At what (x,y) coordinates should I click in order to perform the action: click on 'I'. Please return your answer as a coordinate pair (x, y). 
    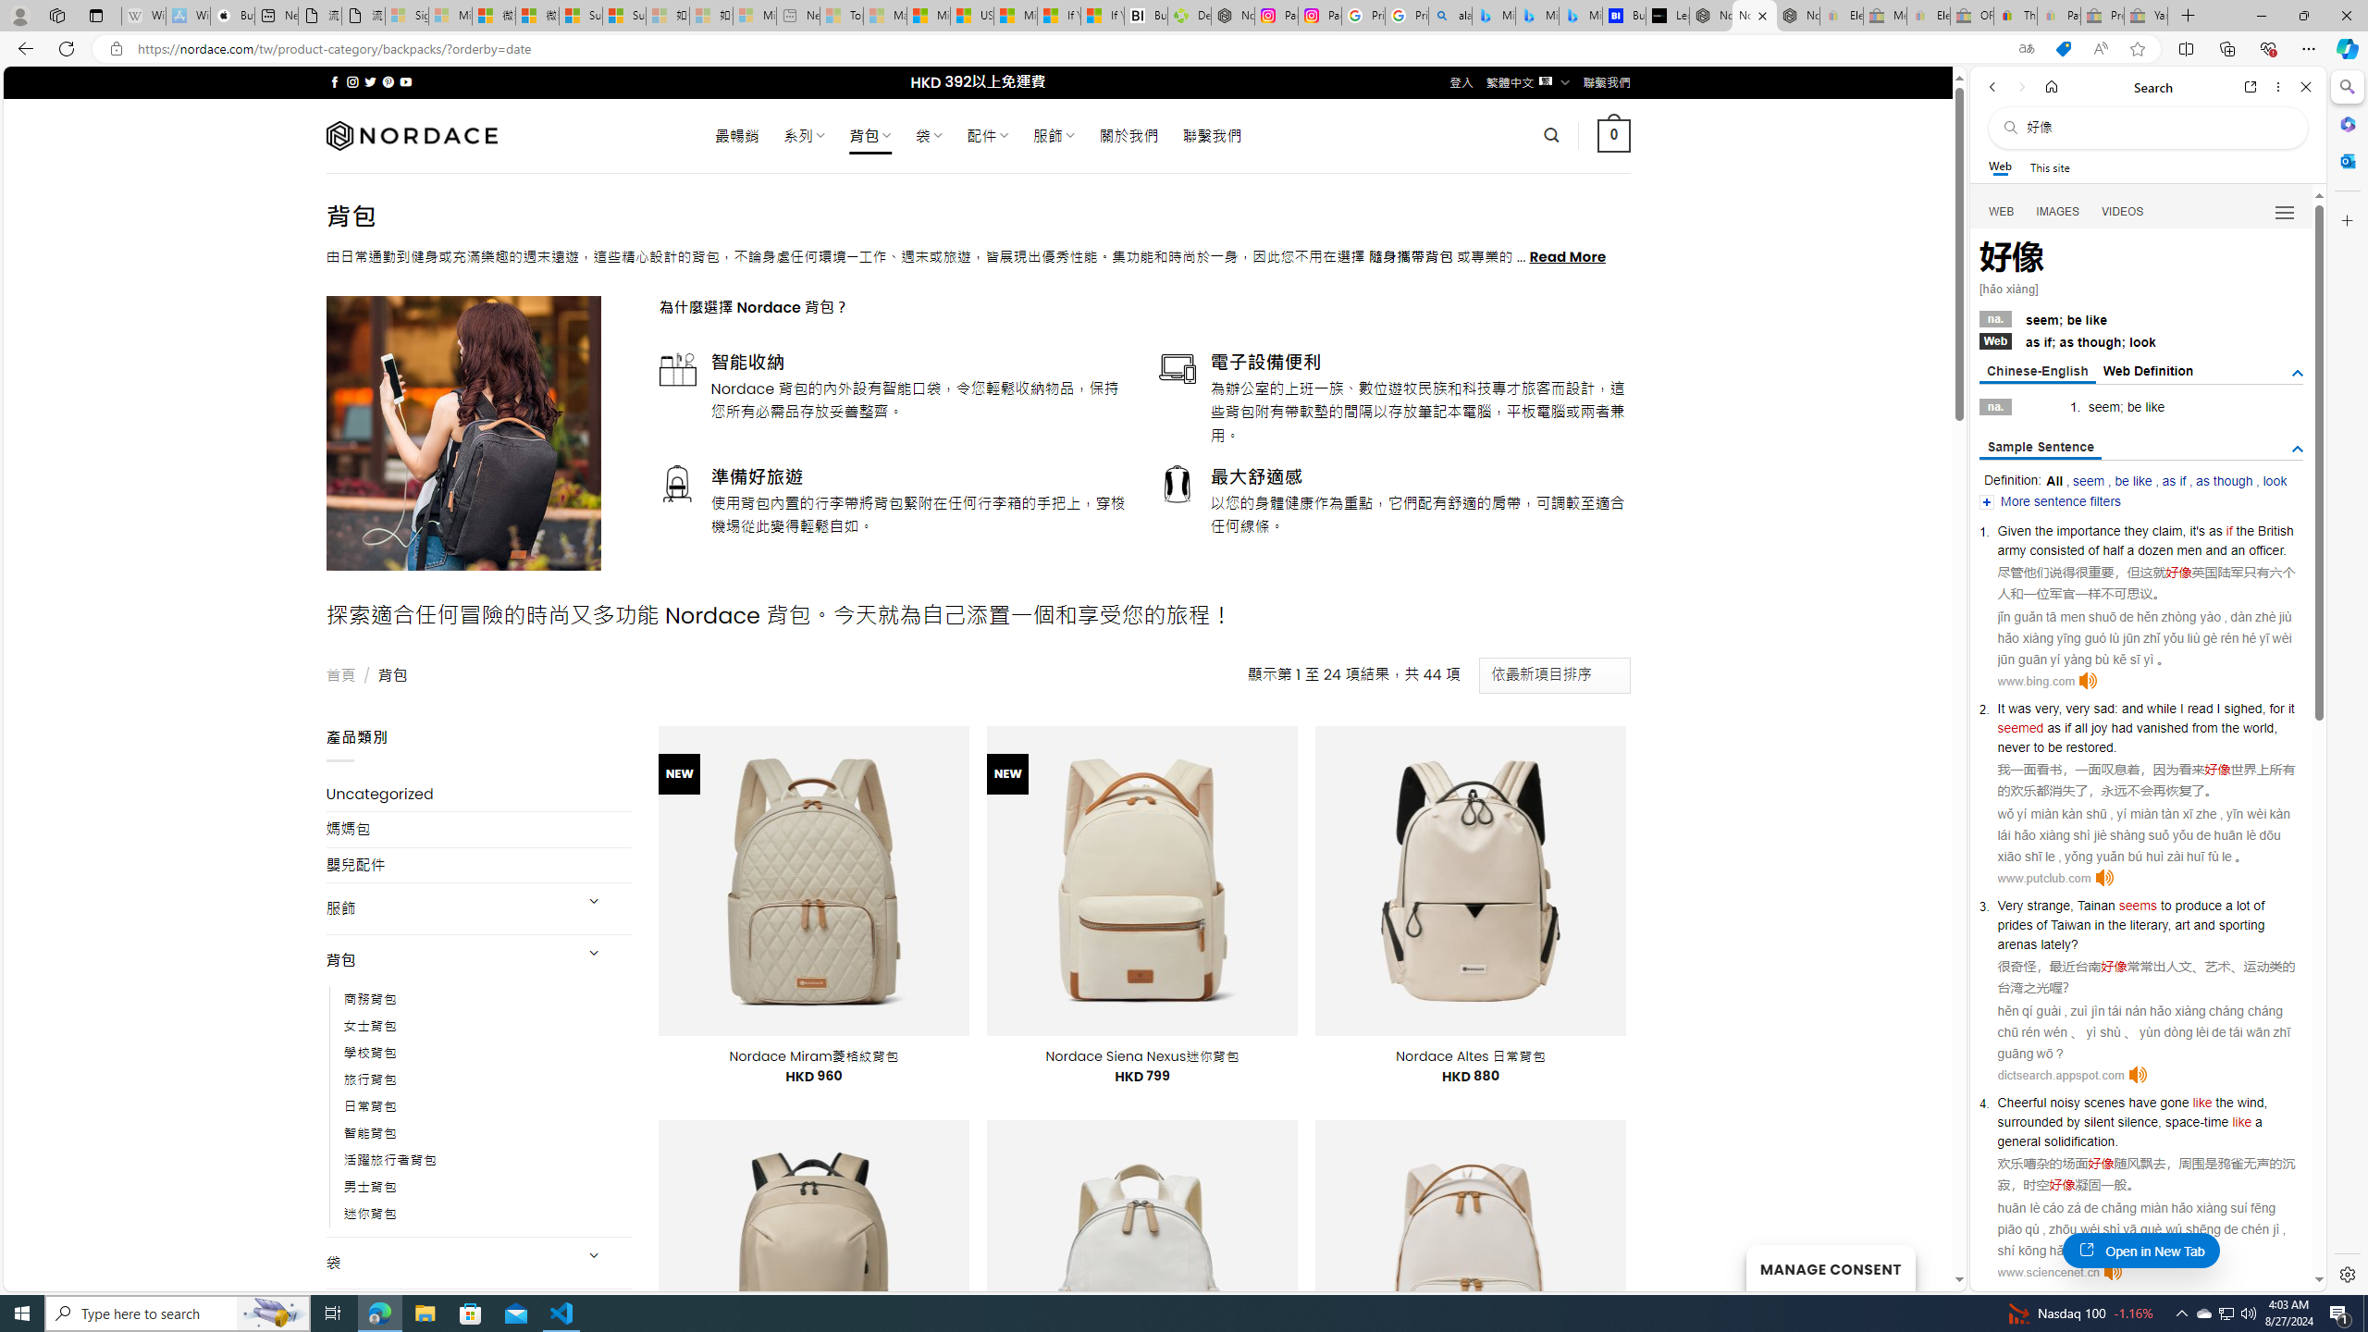
    Looking at the image, I should click on (2217, 708).